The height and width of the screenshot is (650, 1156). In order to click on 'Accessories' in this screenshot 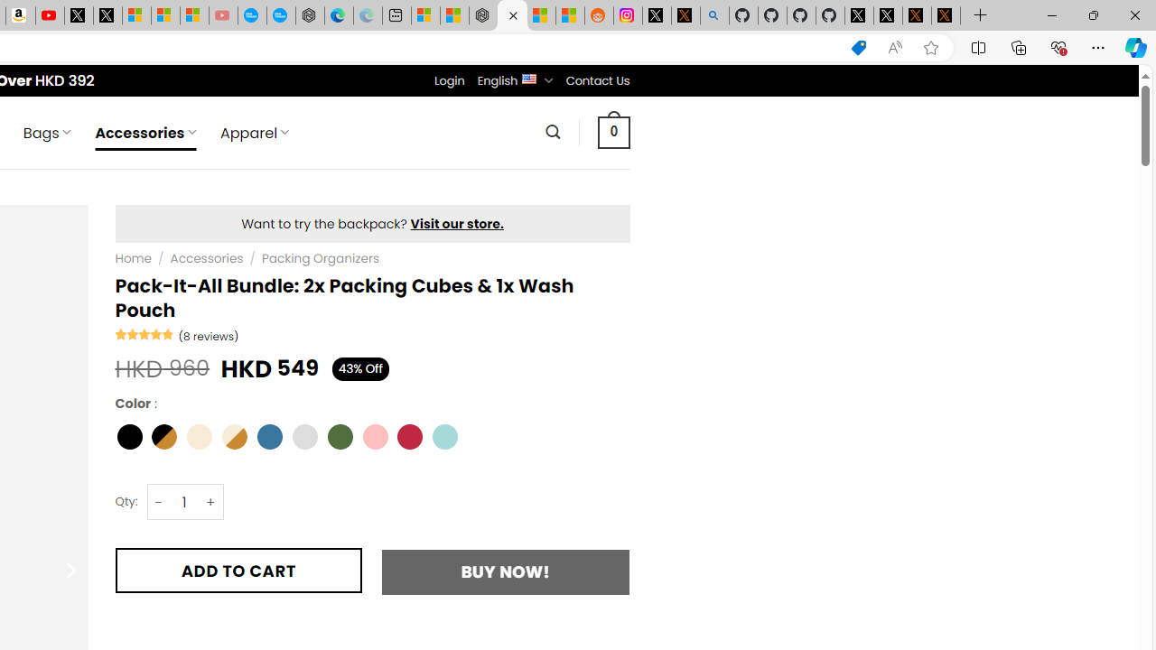, I will do `click(207, 258)`.